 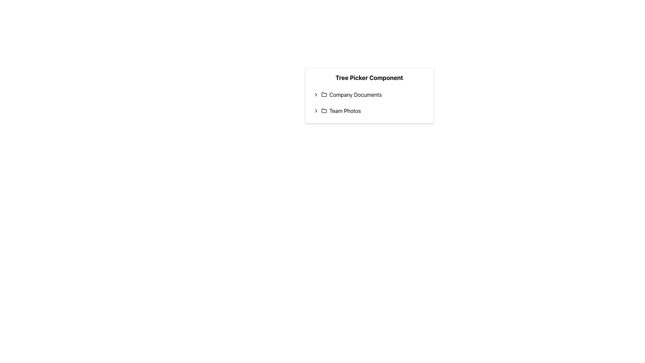 I want to click on the rightward chevron icon located to the left of the 'Team Photos' text in the second row of the hierarchical navigation component, so click(x=315, y=111).